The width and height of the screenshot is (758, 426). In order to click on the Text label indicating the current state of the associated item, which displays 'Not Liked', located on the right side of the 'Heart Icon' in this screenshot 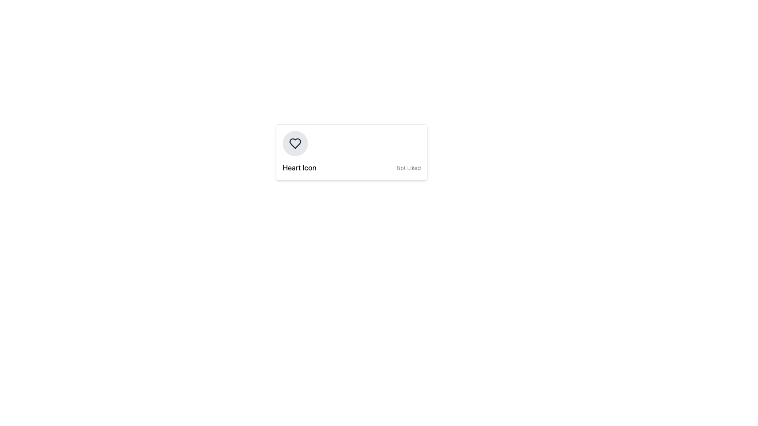, I will do `click(409, 167)`.